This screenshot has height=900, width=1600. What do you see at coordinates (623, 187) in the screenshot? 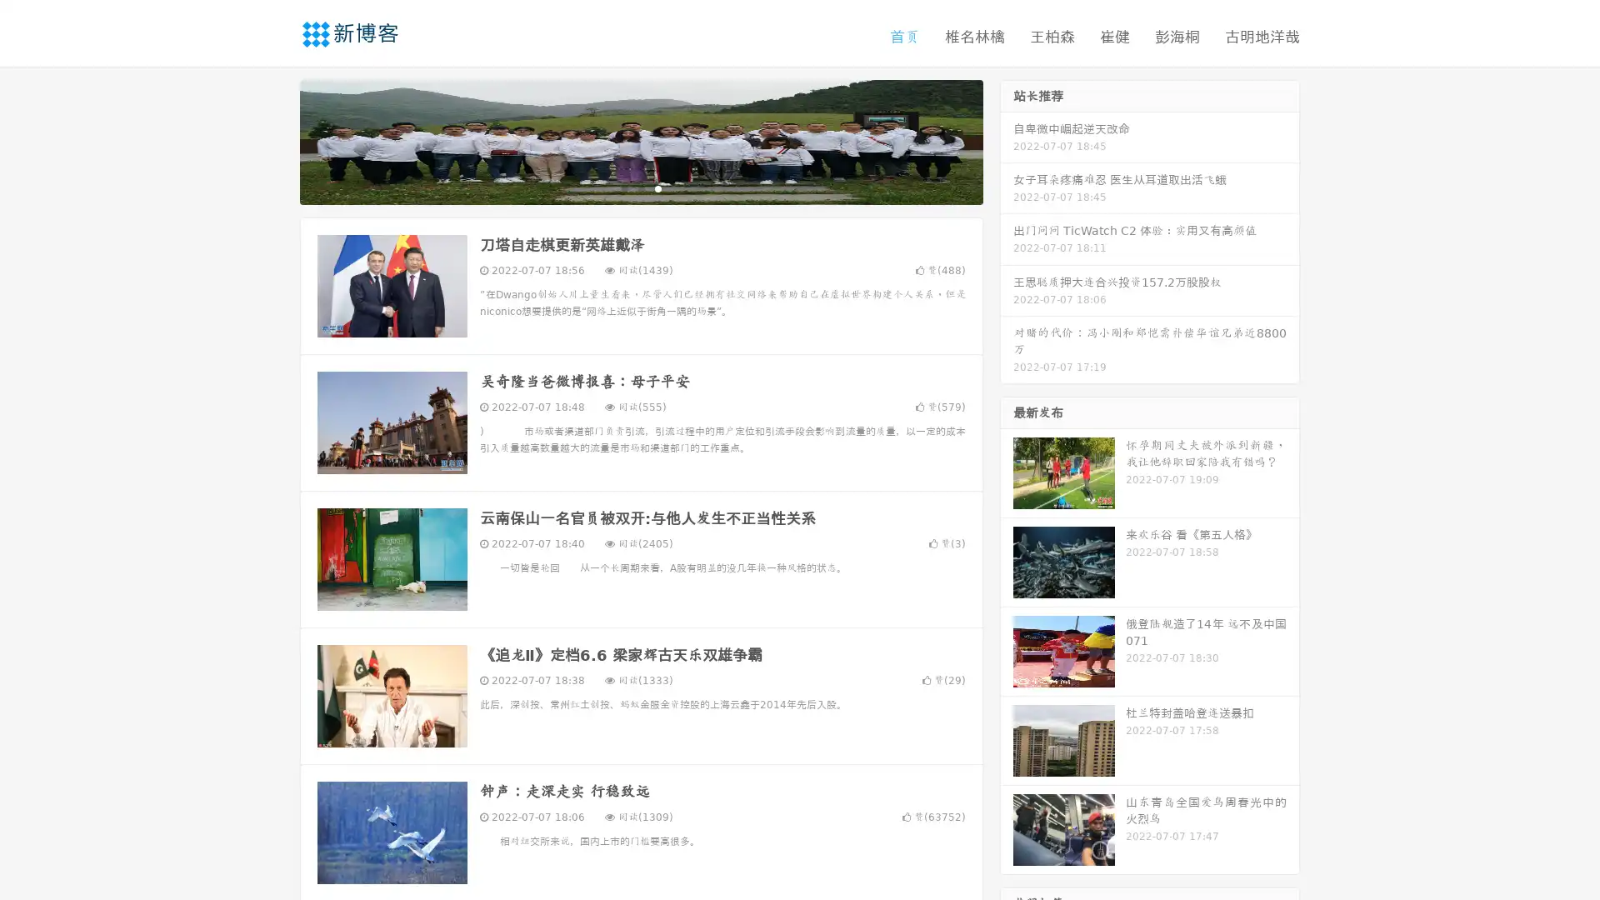
I see `Go to slide 1` at bounding box center [623, 187].